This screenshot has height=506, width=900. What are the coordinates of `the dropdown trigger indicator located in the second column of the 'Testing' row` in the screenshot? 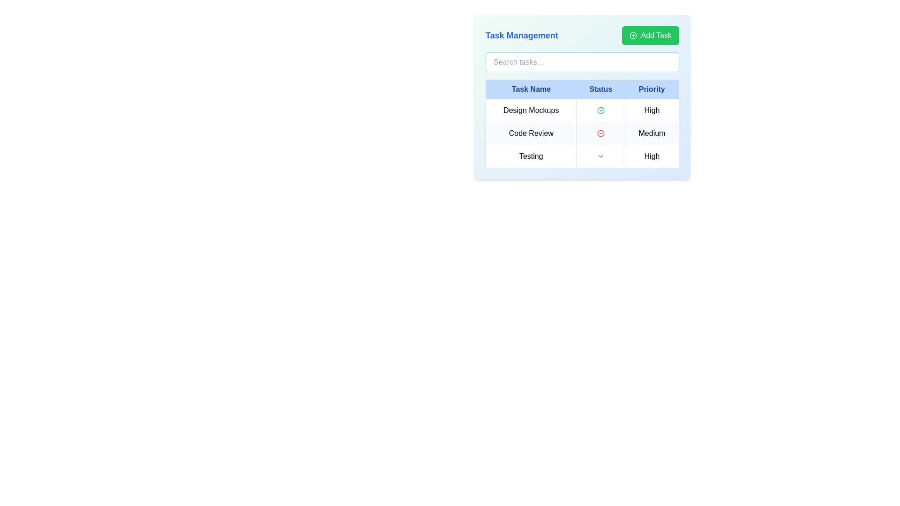 It's located at (600, 156).